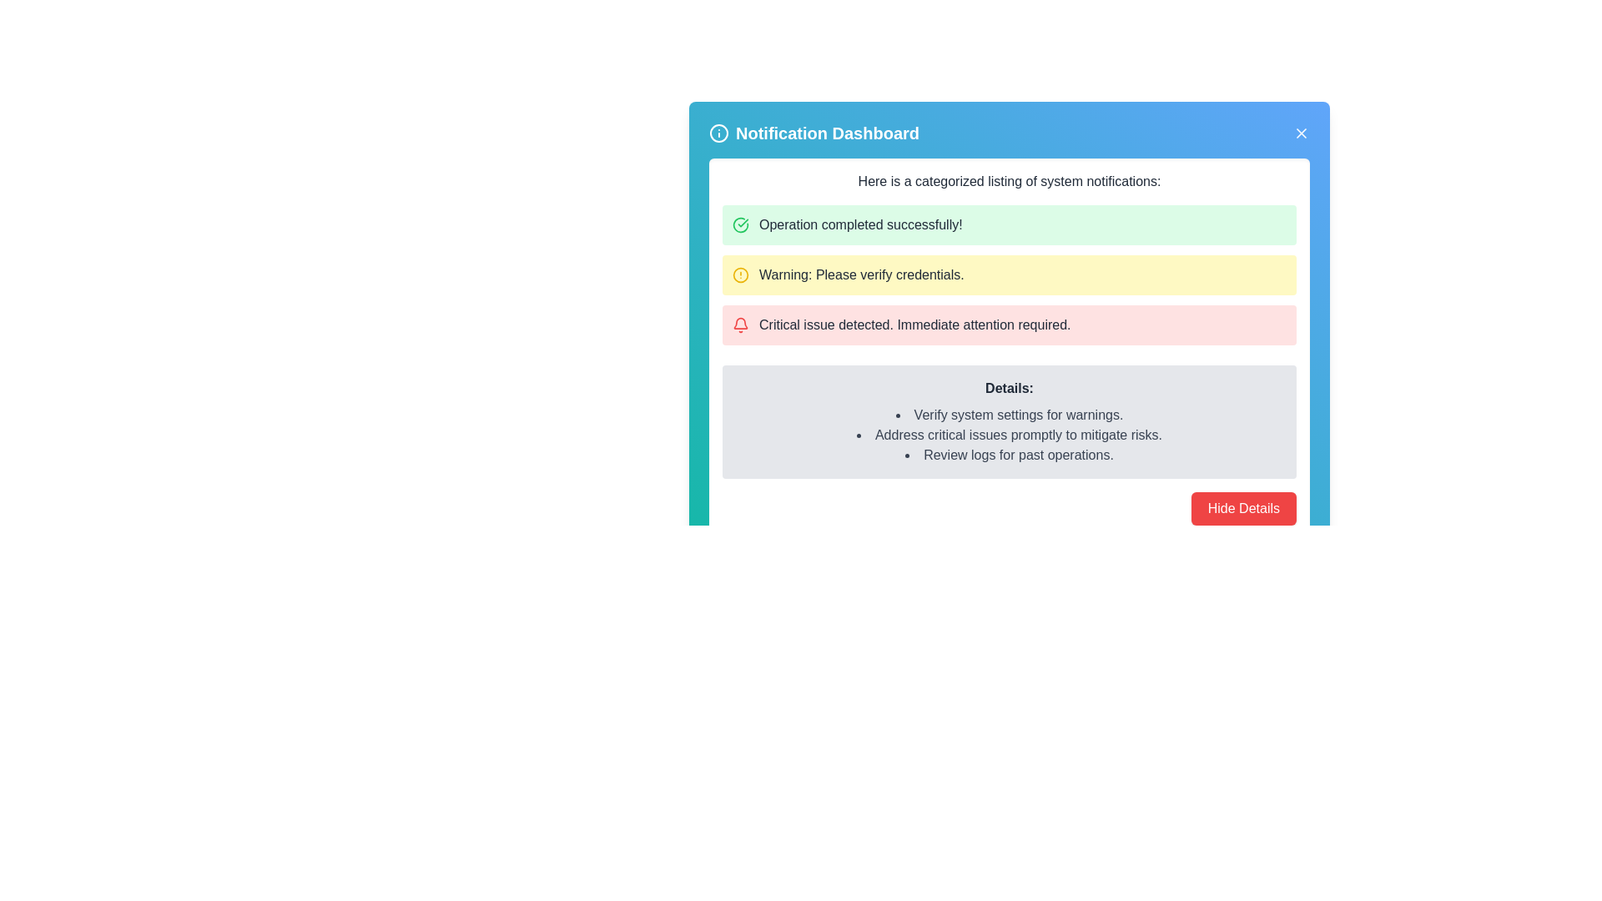  Describe the element at coordinates (1008, 456) in the screenshot. I see `the informational text directive located as the third item in the bulleted list under the label 'Details:' within the gray box` at that location.